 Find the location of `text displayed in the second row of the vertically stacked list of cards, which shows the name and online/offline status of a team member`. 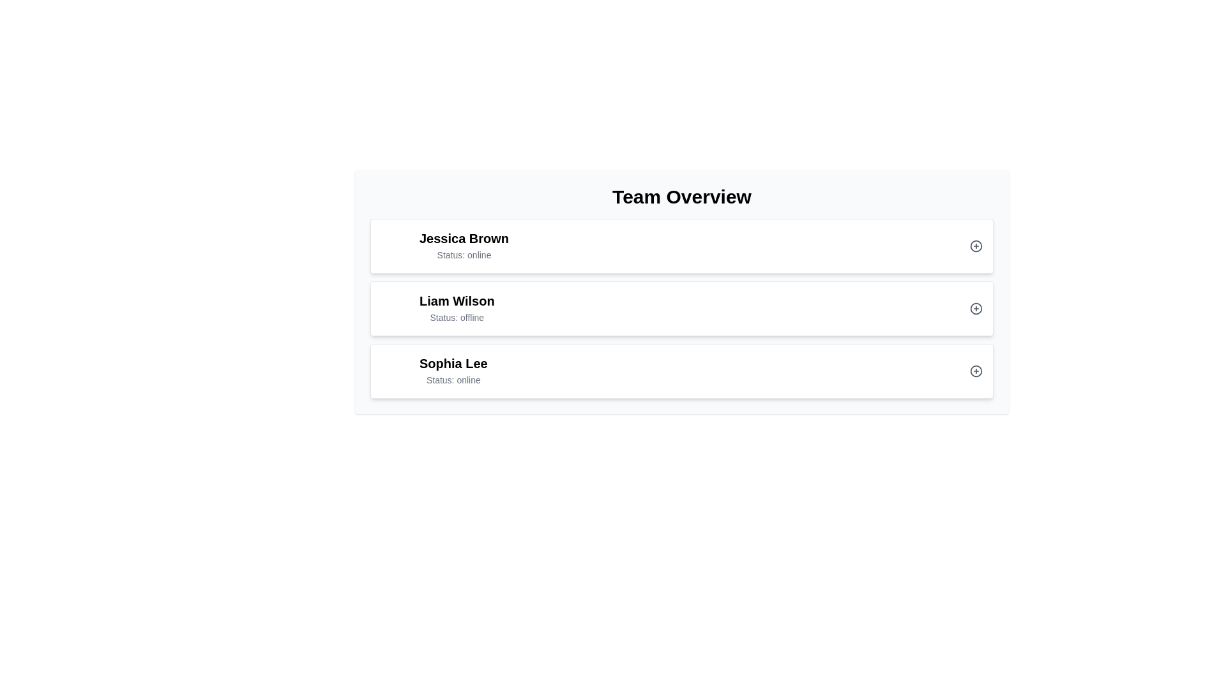

text displayed in the second row of the vertically stacked list of cards, which shows the name and online/offline status of a team member is located at coordinates (457, 308).